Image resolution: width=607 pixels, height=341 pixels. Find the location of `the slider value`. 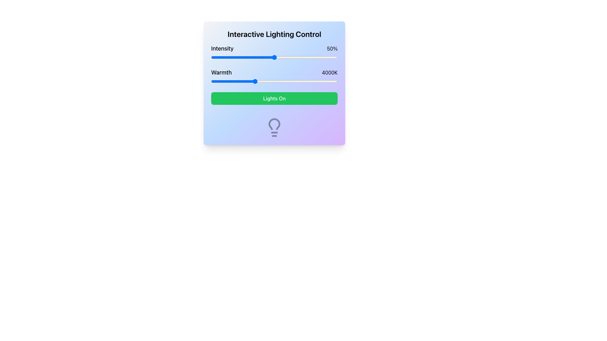

the slider value is located at coordinates (251, 57).